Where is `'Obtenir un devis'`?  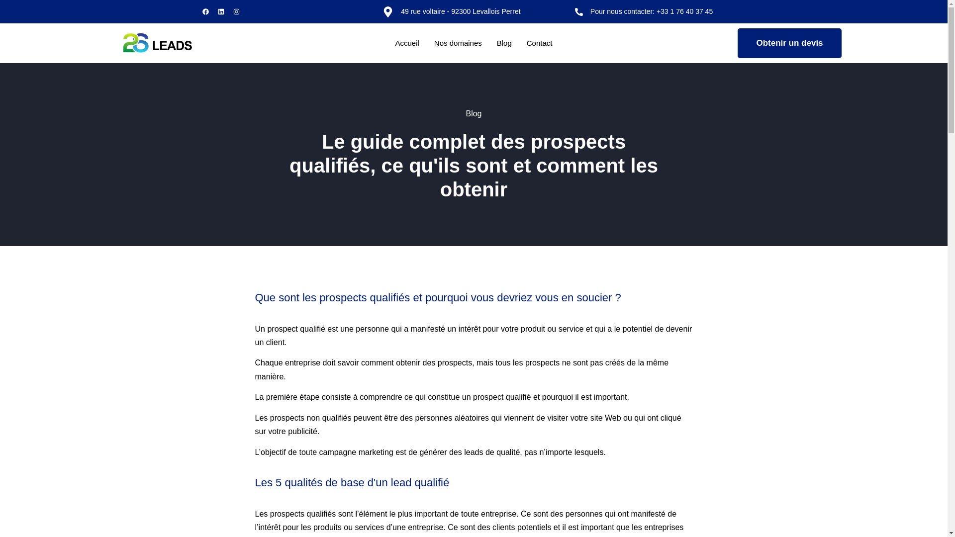 'Obtenir un devis' is located at coordinates (789, 43).